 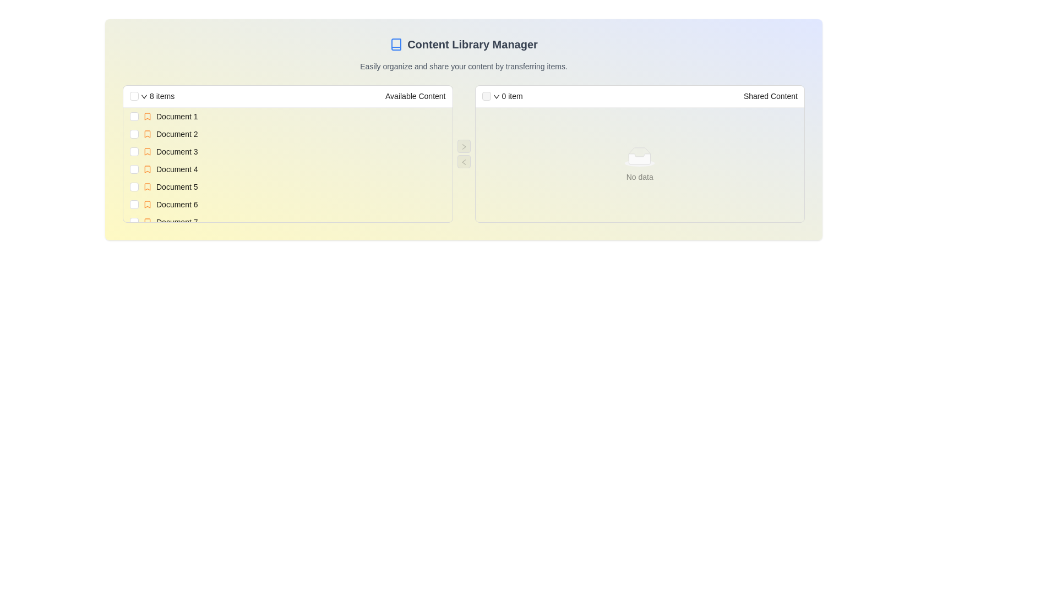 What do you see at coordinates (147, 152) in the screenshot?
I see `the bookmark icon located next to 'Document 3' in the left-side panel` at bounding box center [147, 152].